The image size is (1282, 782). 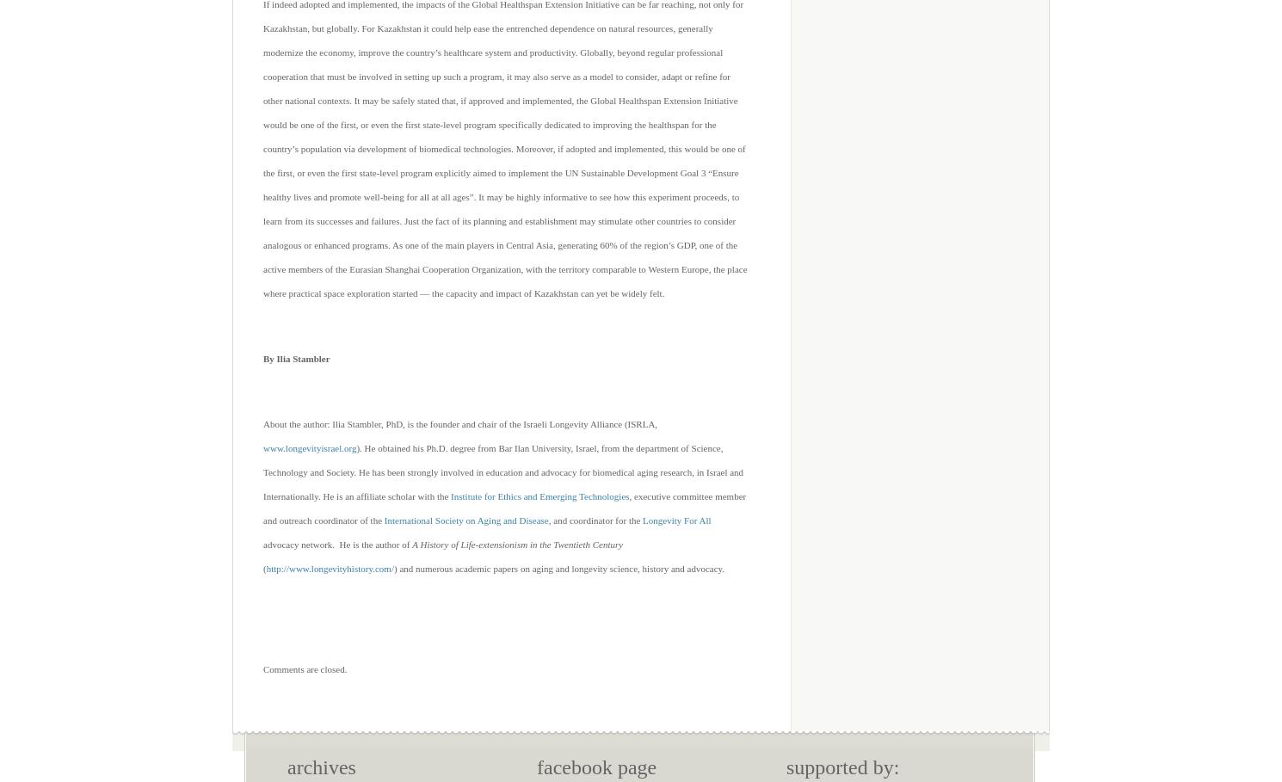 What do you see at coordinates (263, 568) in the screenshot?
I see `'('` at bounding box center [263, 568].